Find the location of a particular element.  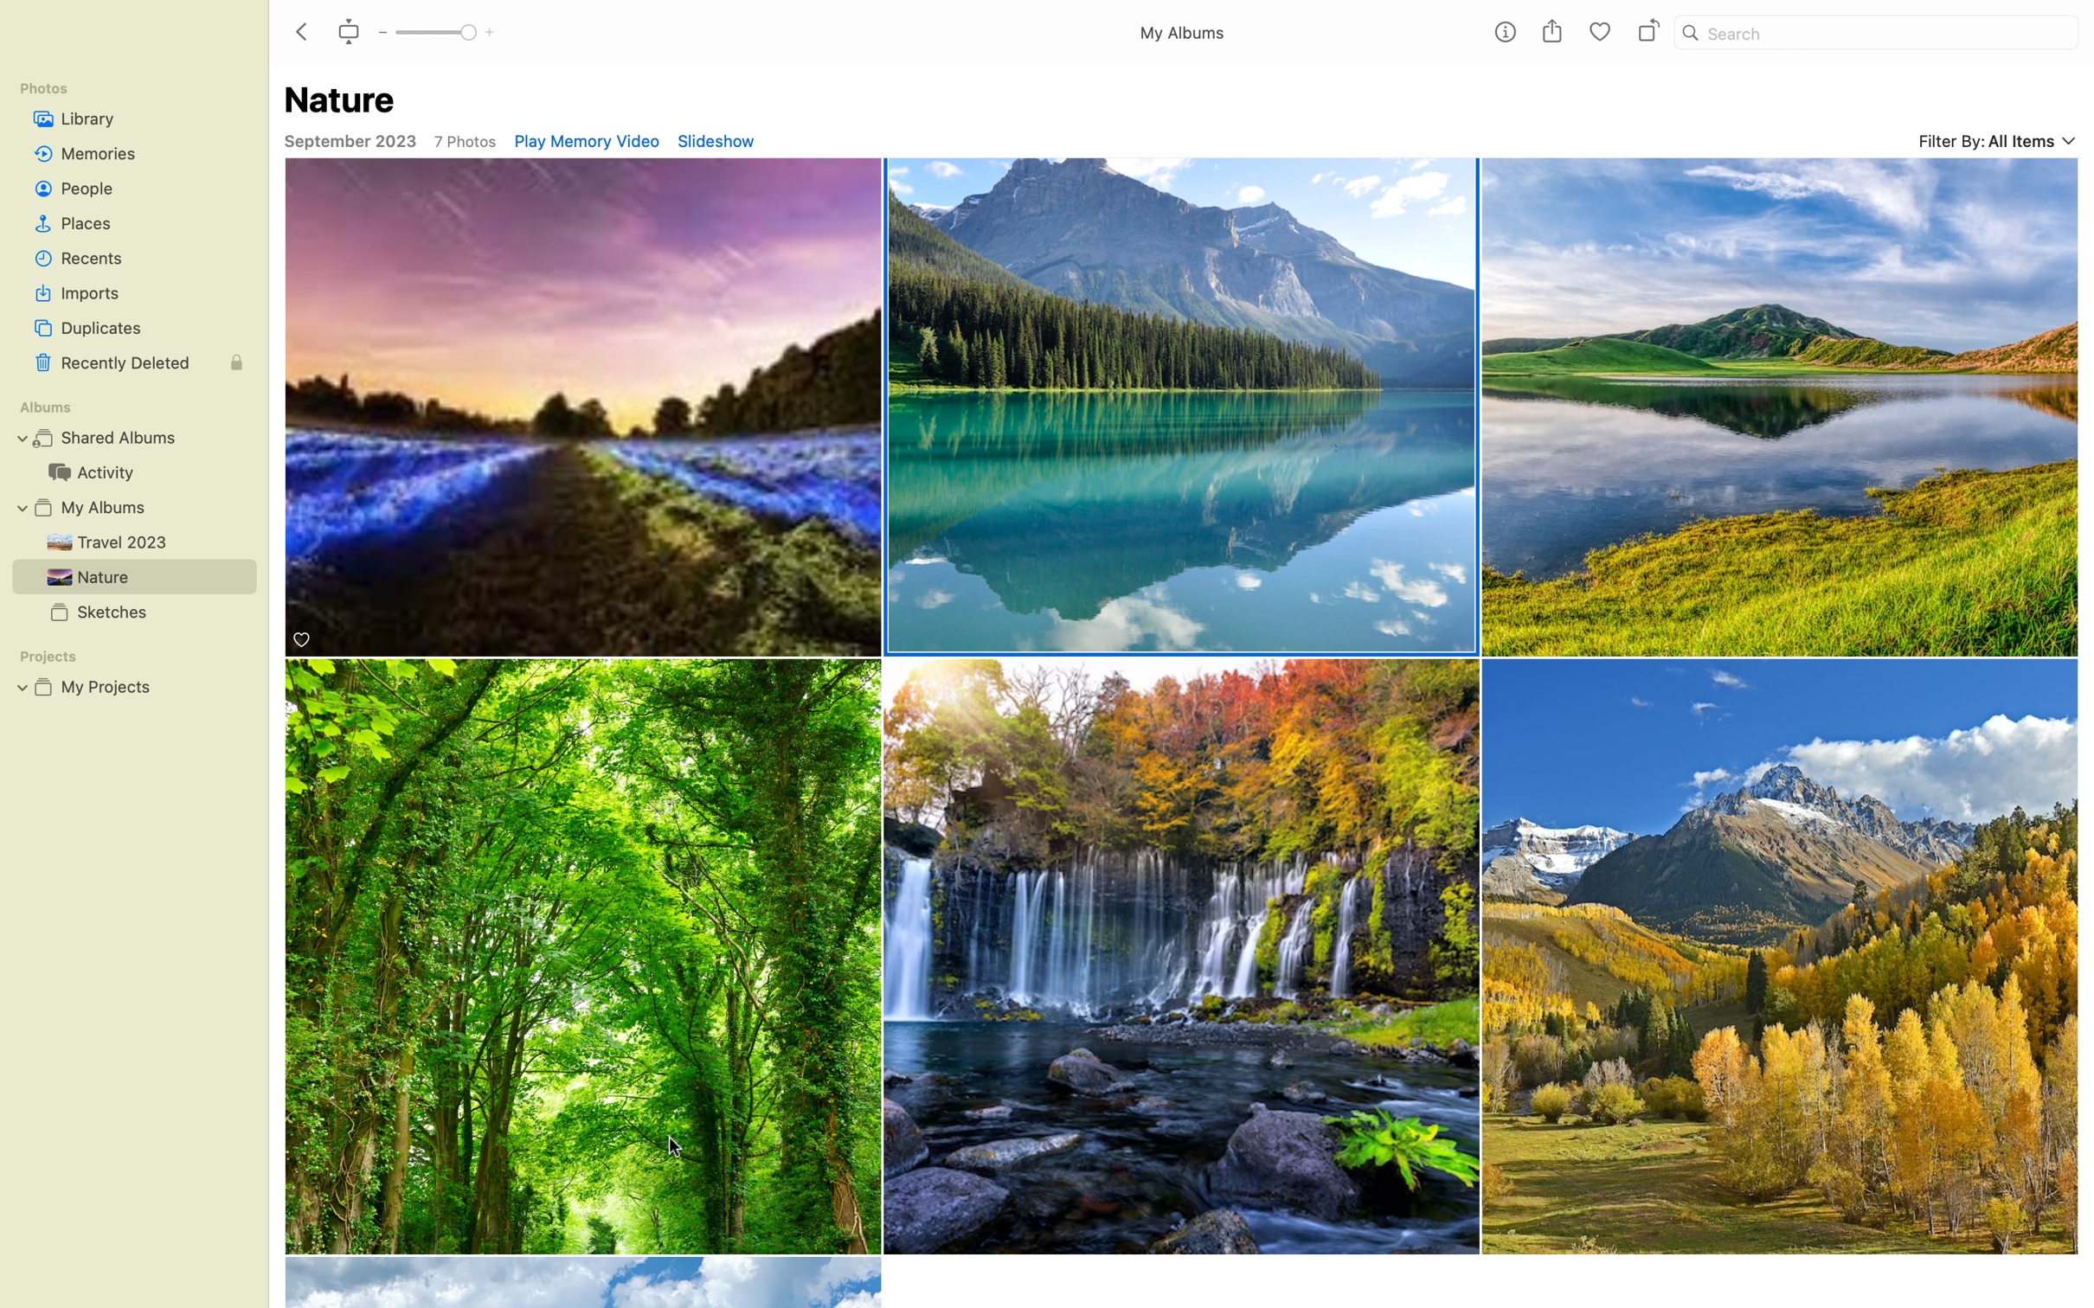

the Travel album and use the scroll feature to view all photos is located at coordinates (131, 540).